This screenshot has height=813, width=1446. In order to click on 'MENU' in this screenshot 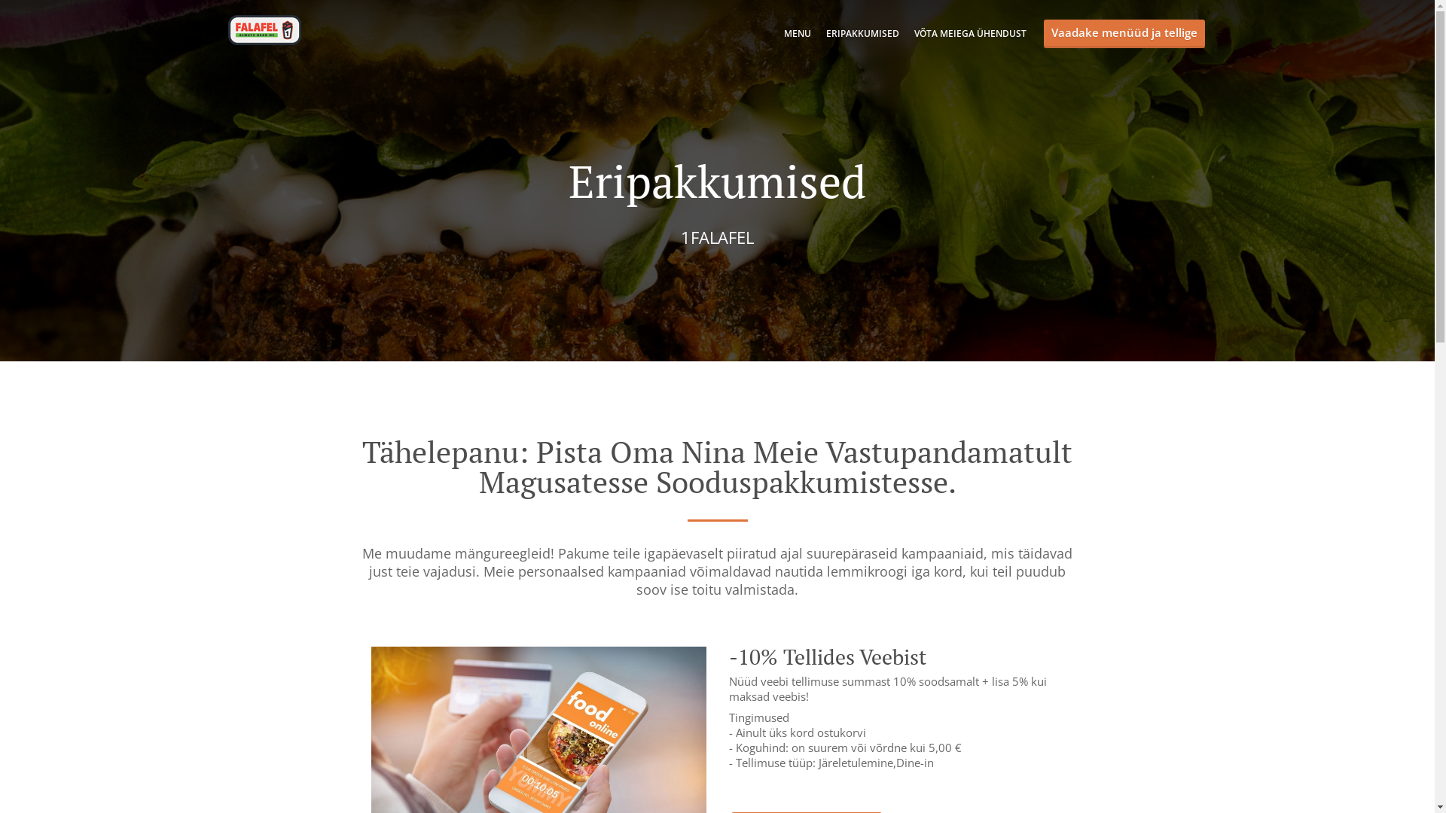, I will do `click(795, 33)`.